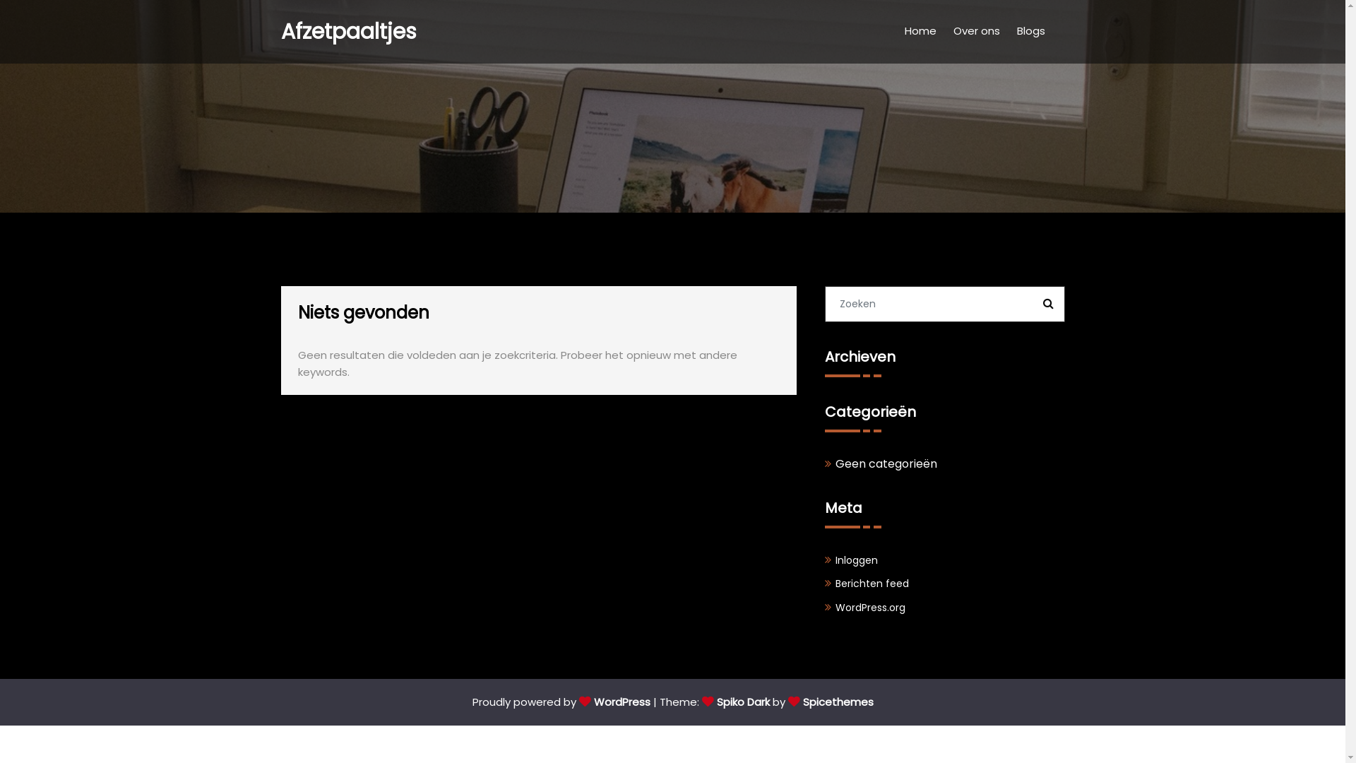 This screenshot has height=763, width=1356. Describe the element at coordinates (614, 702) in the screenshot. I see `'WordPress'` at that location.